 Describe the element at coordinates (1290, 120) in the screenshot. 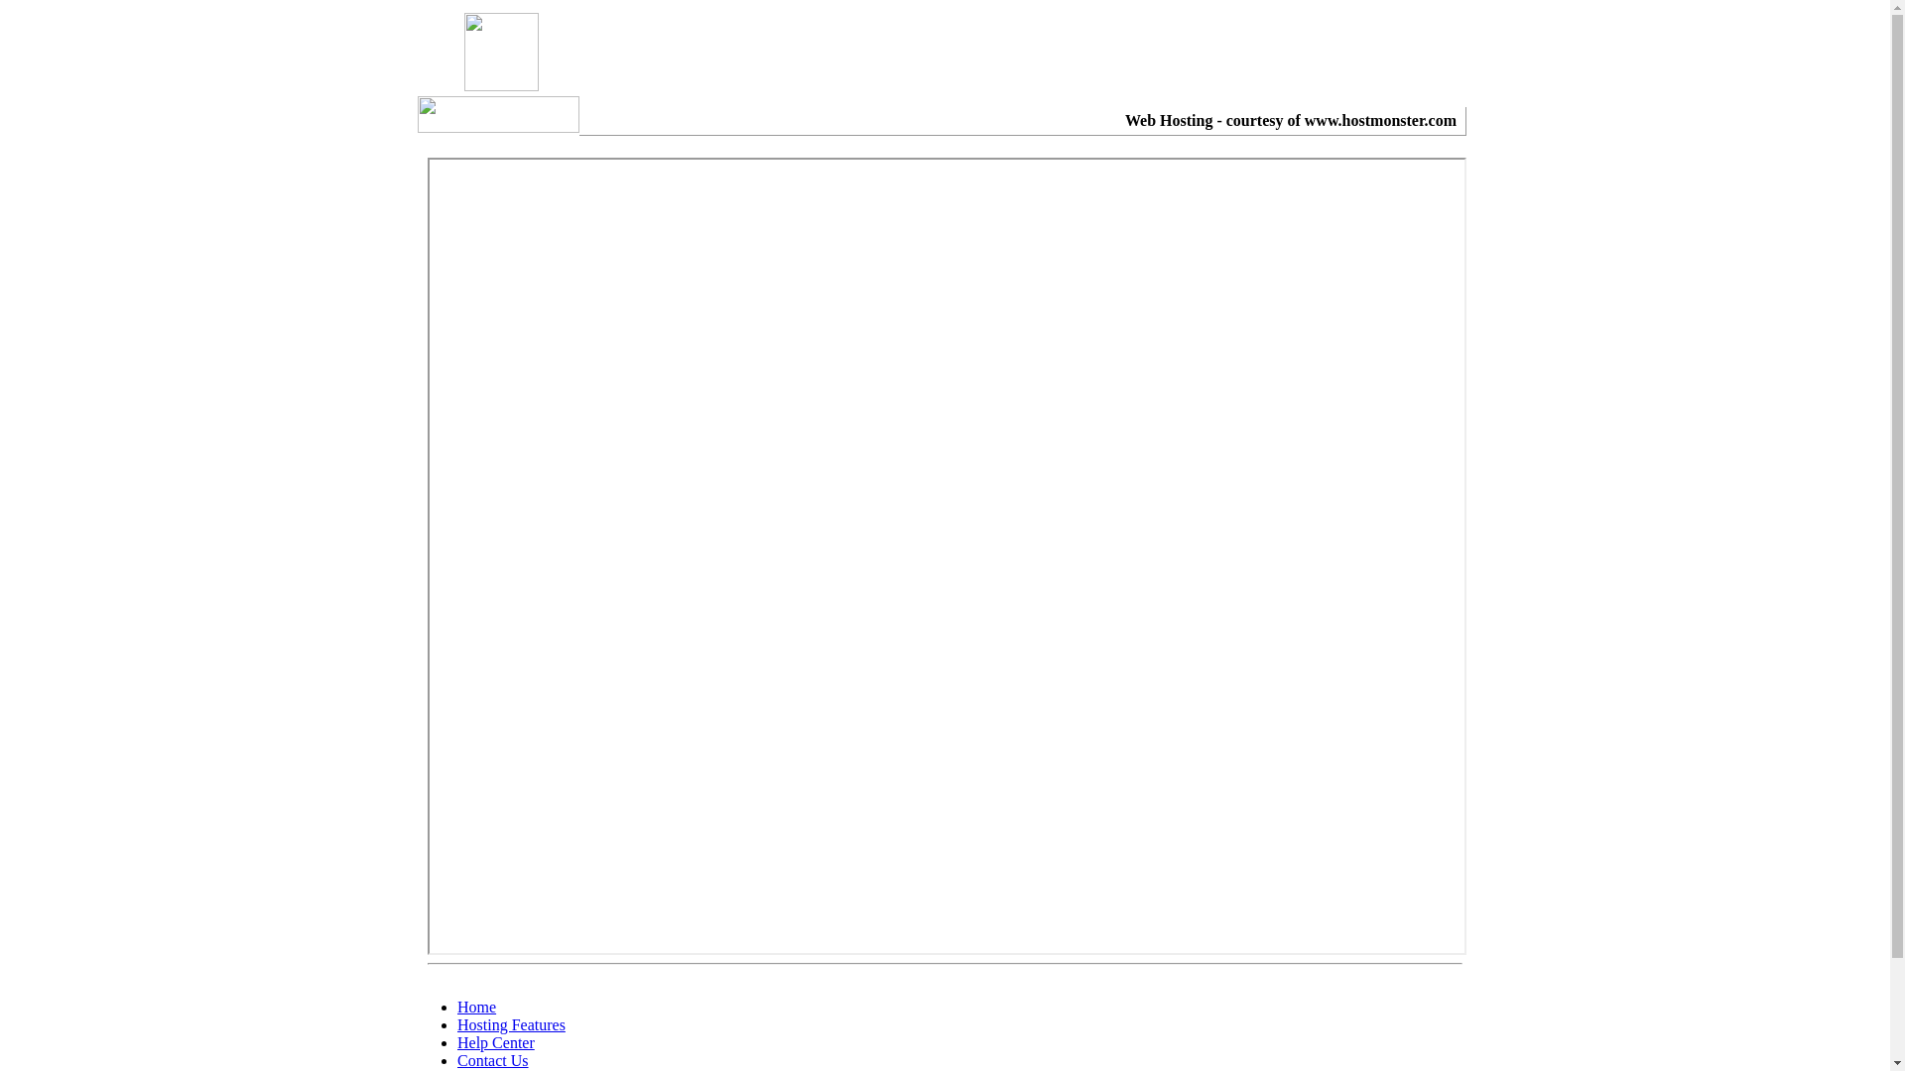

I see `'Web Hosting - courtesy of www.hostmonster.com'` at that location.